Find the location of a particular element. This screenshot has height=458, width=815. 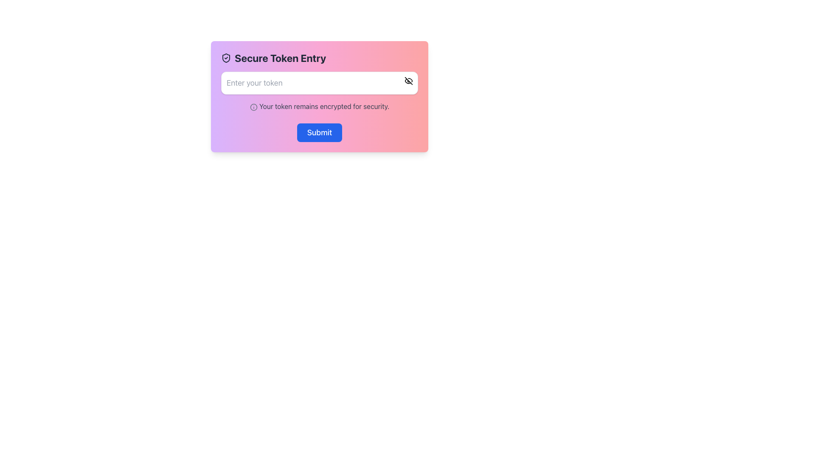

the SVG icon resembling a shield with a check mark, located to the immediate left of the 'Secure Token Entry' text in the header section is located at coordinates (226, 58).